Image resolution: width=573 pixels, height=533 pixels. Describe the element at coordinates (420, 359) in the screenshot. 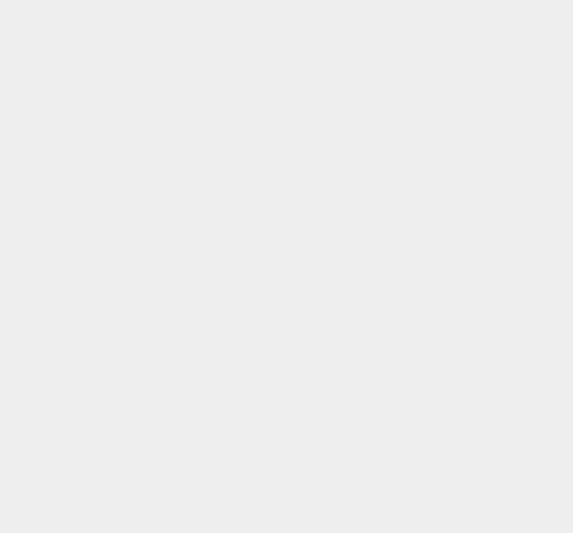

I see `'iPhone 5C'` at that location.